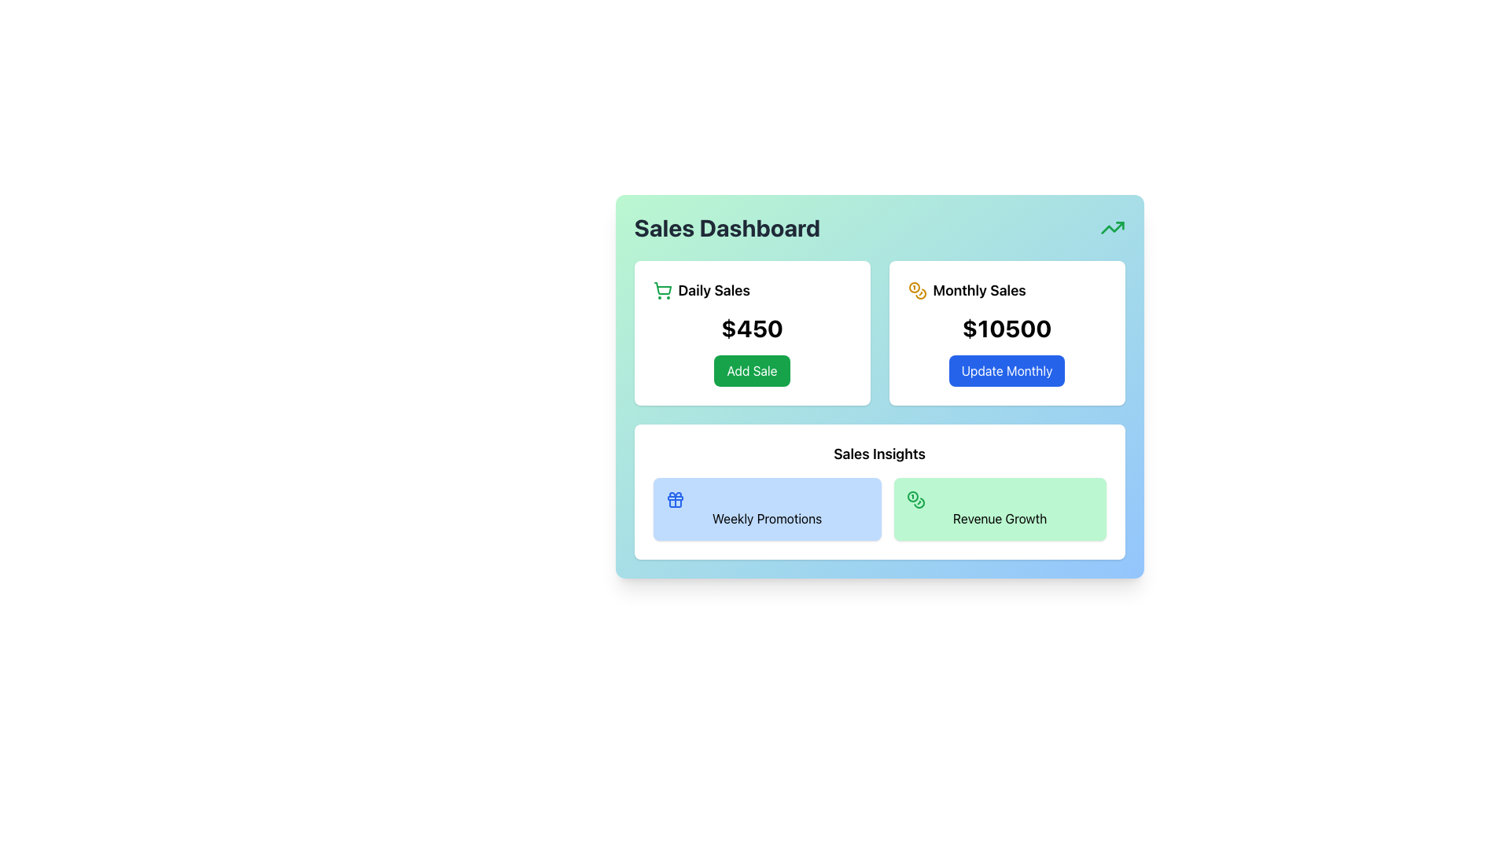 This screenshot has height=849, width=1510. What do you see at coordinates (675, 498) in the screenshot?
I see `the rectangle component of the gift icon located in the 'Weekly Promotions' card under 'Sales Insights' on the dashboard` at bounding box center [675, 498].